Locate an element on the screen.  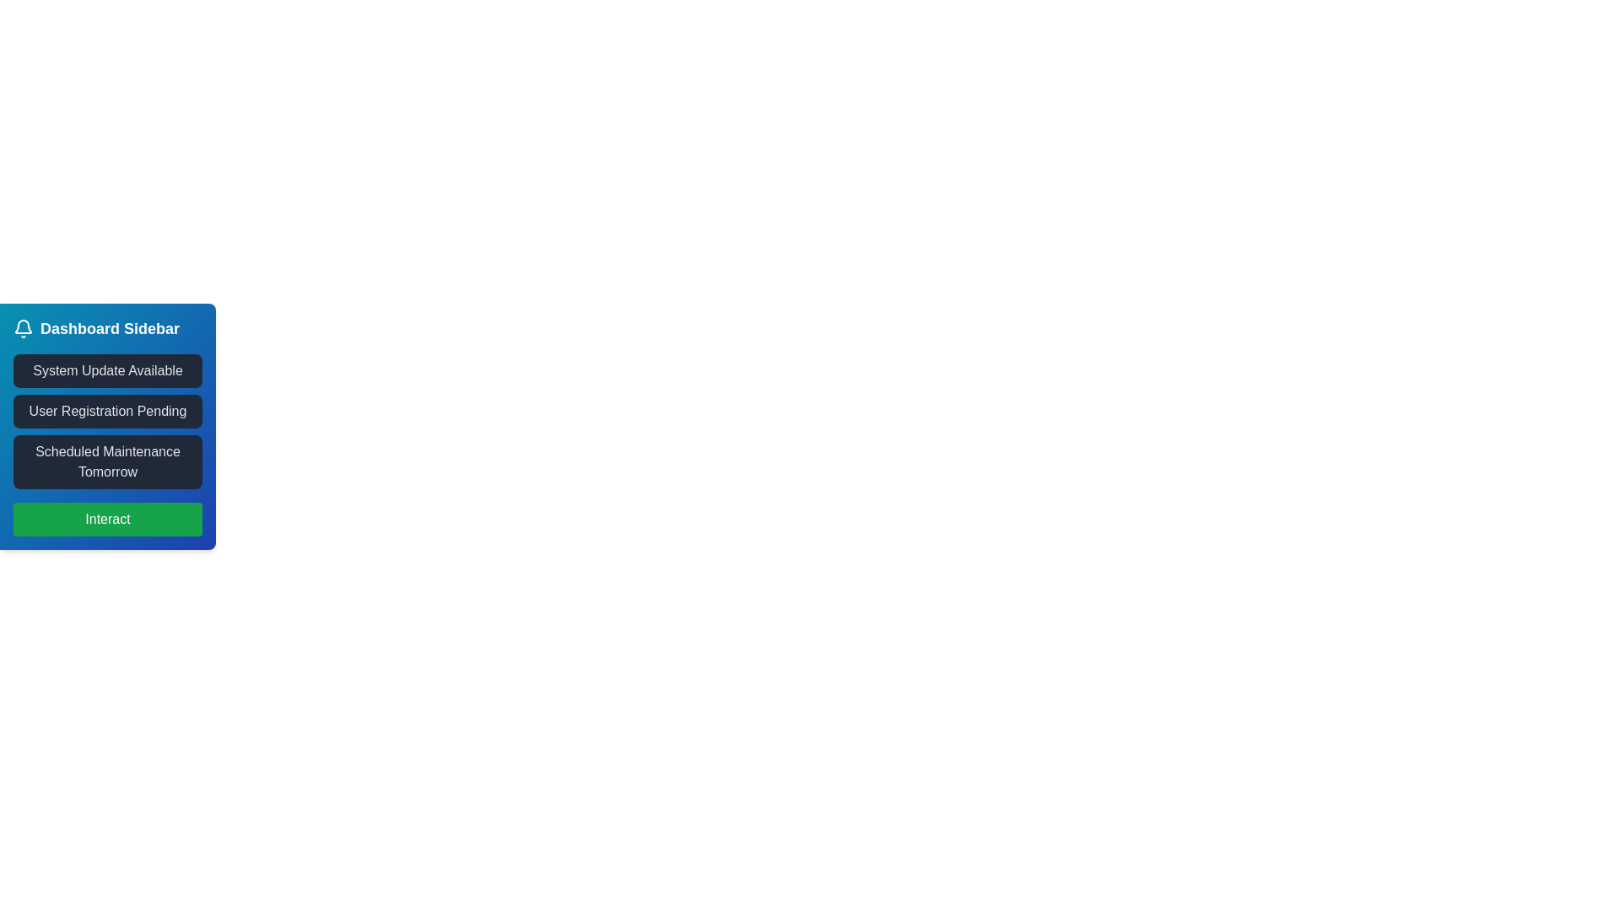
the stylized bell icon located in the top-left corner of the 'Dashboard Sidebar', which is above three sequential buttons and a prominent green button labeled 'Interact' is located at coordinates (24, 326).